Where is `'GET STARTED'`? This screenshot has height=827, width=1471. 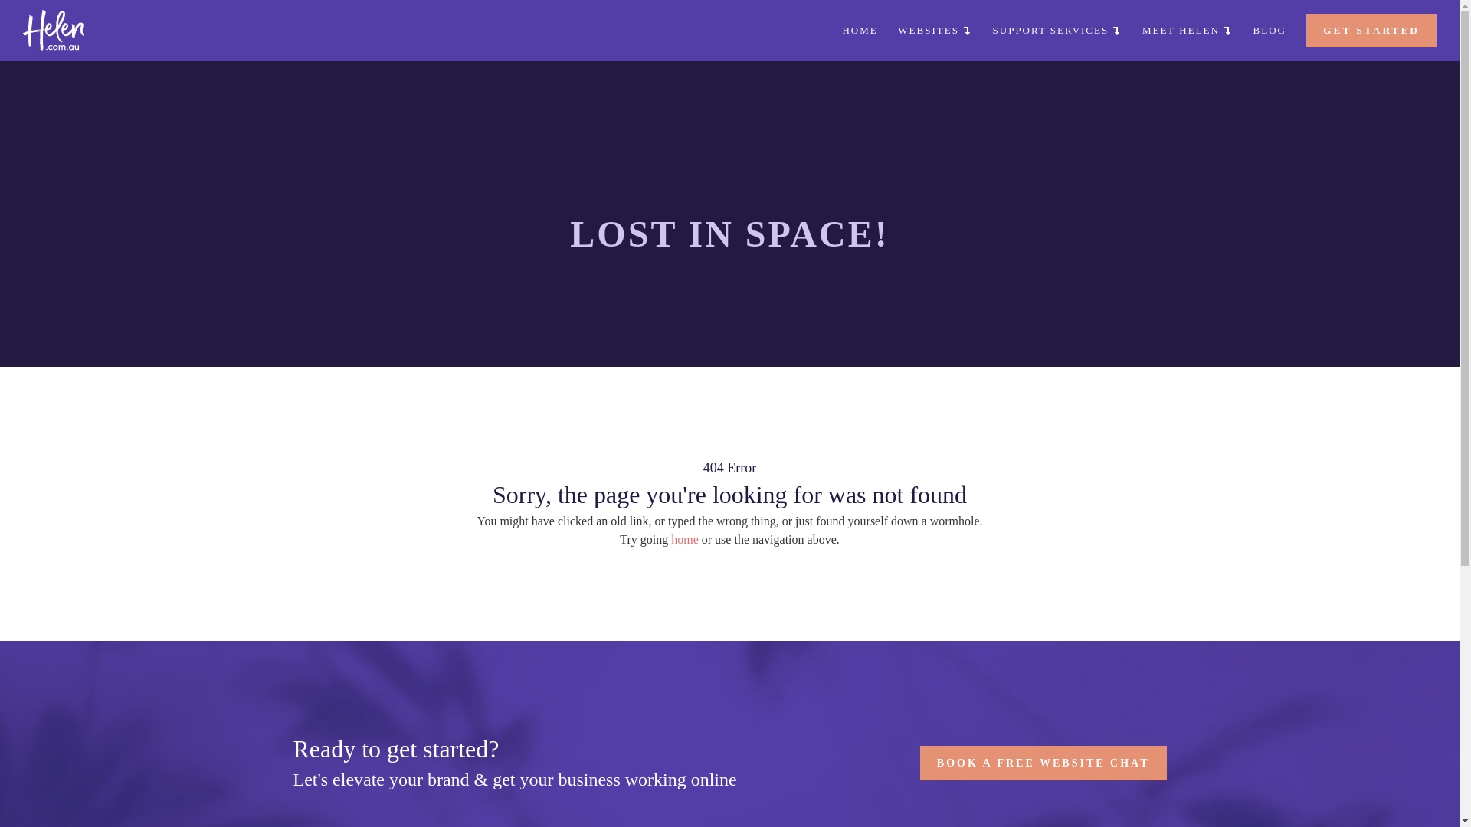 'GET STARTED' is located at coordinates (1371, 30).